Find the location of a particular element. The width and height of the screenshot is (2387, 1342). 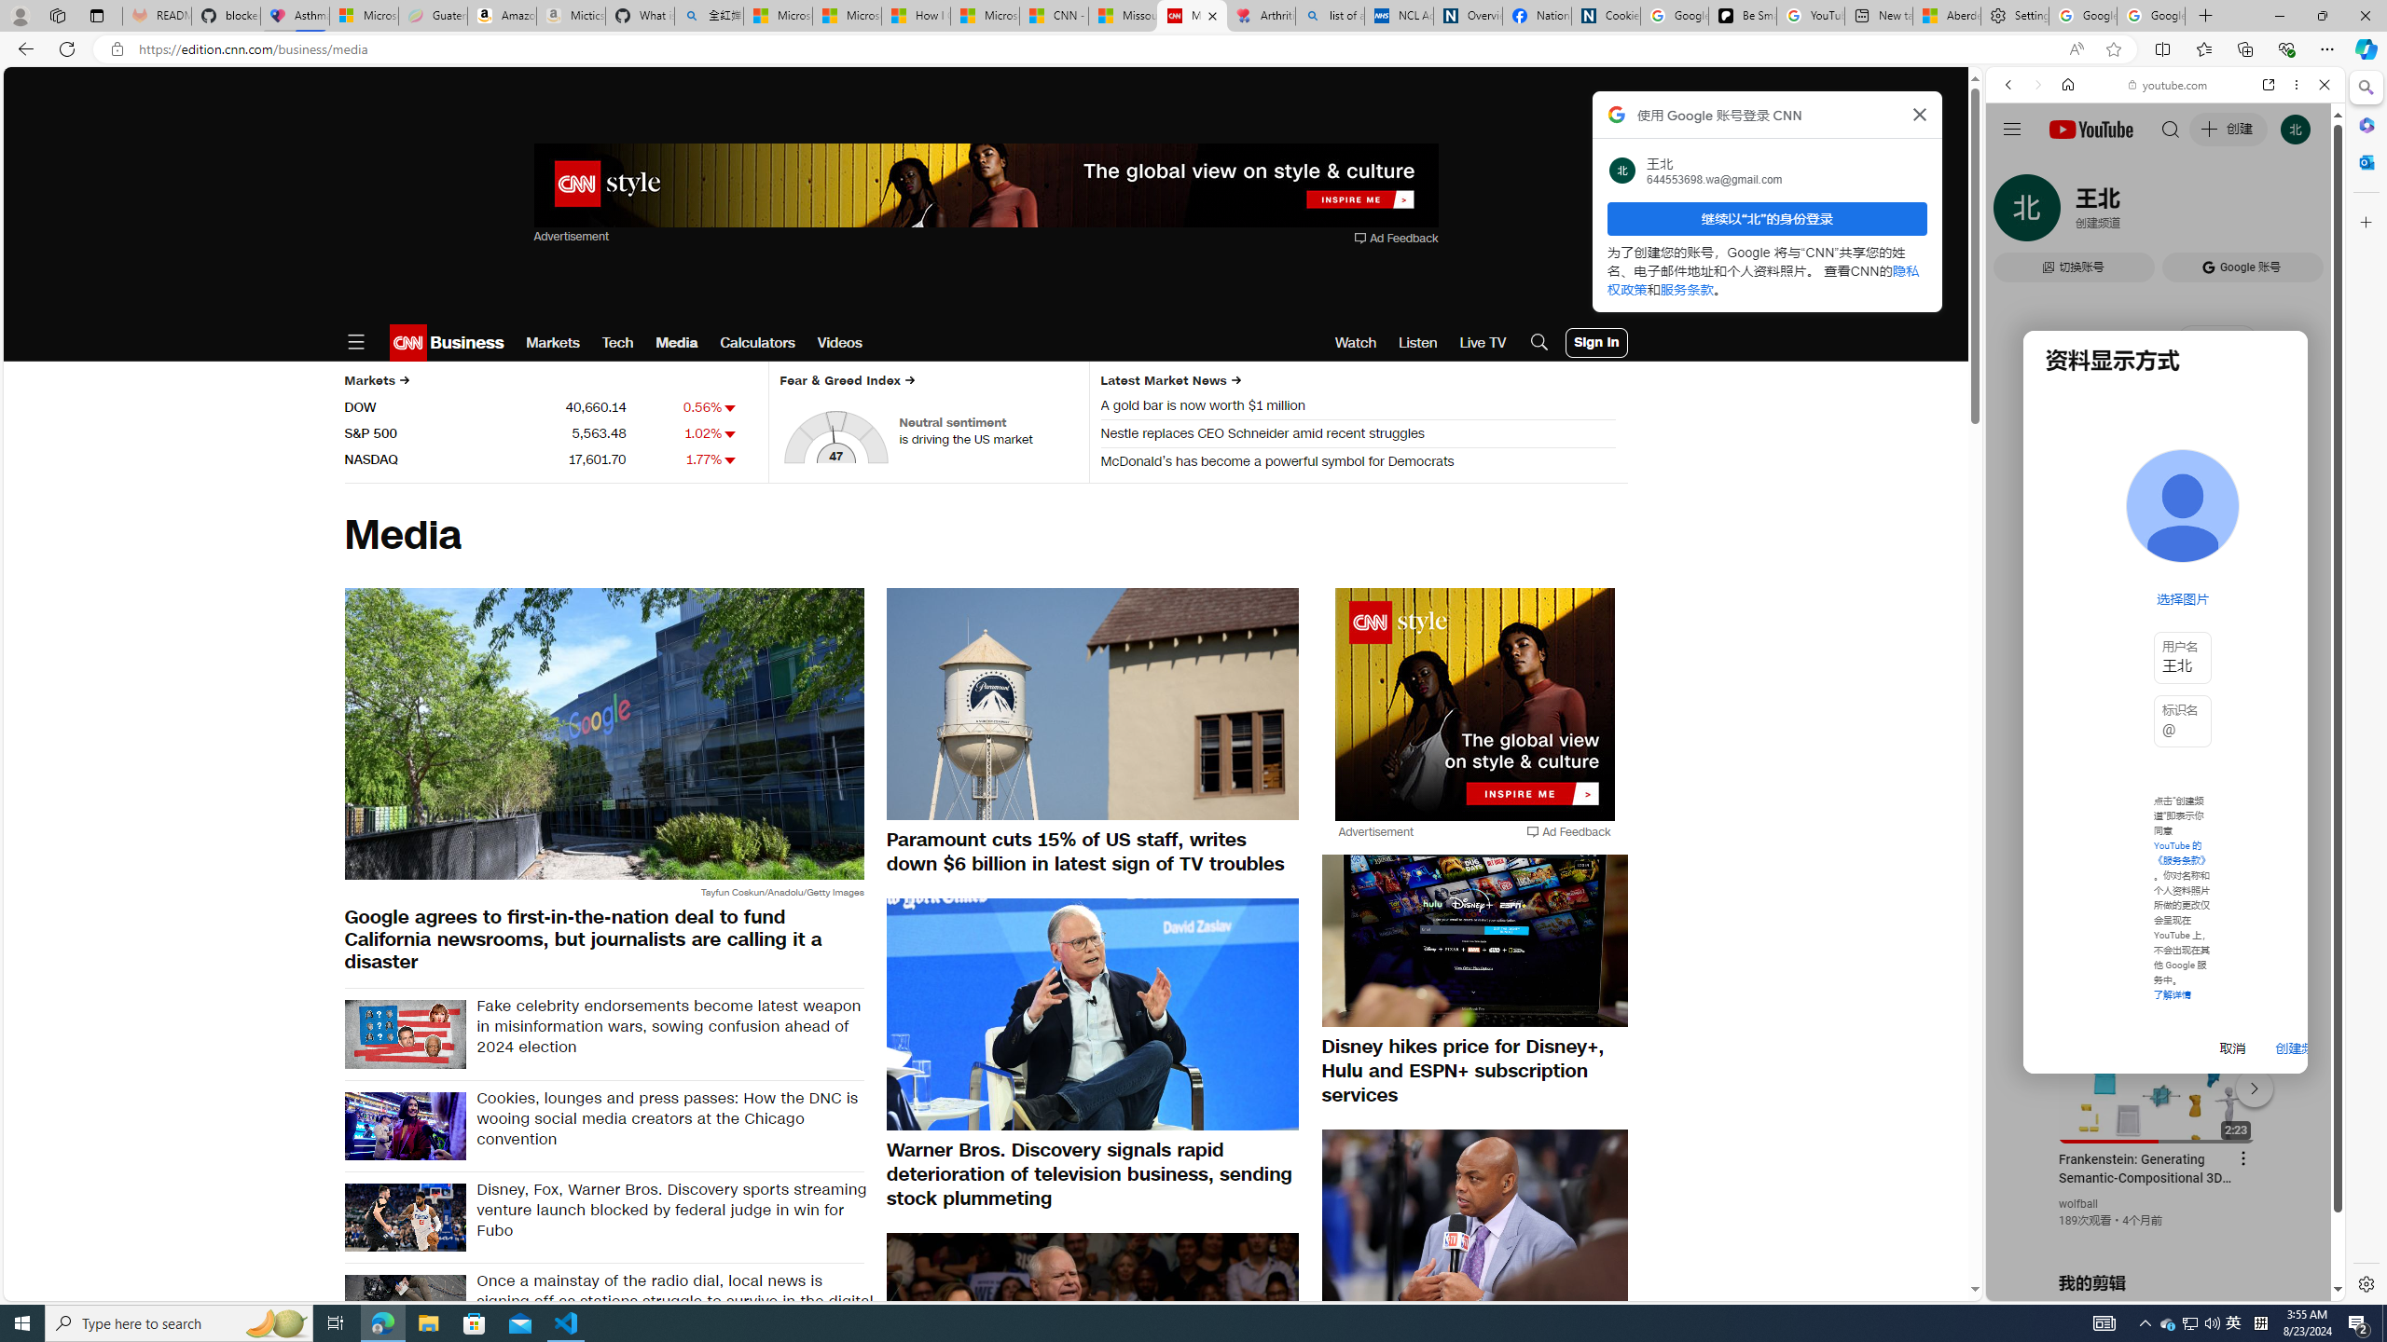

'Neutral sentiment is driving the US market' is located at coordinates (988, 431).